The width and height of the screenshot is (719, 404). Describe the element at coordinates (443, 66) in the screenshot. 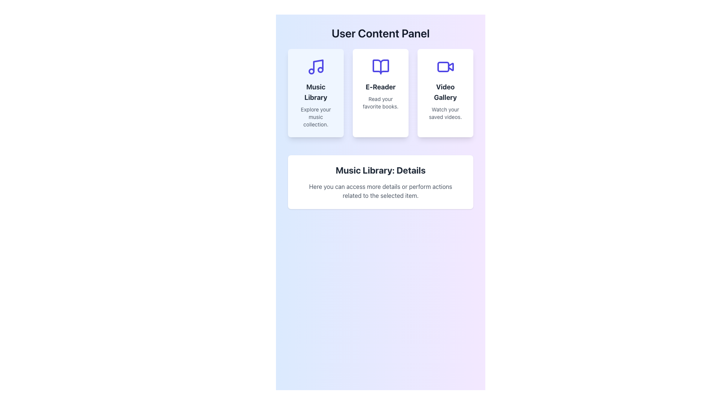

I see `blue rectangle with rounded corners located in the 'Video Gallery' card for debugging purposes` at that location.